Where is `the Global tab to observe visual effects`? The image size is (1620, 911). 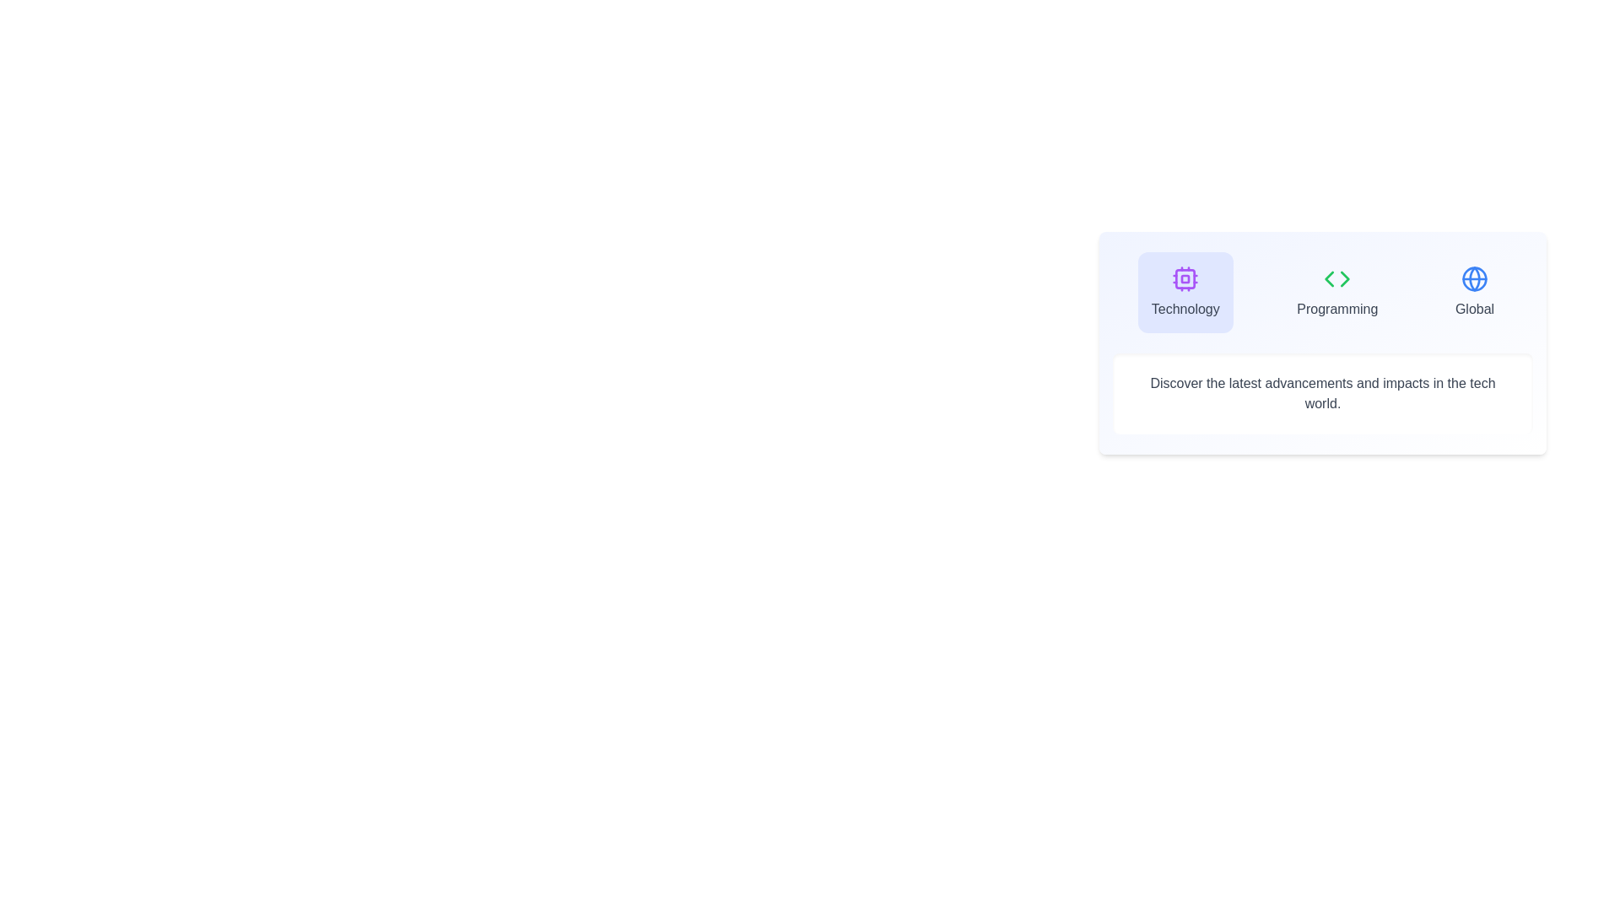 the Global tab to observe visual effects is located at coordinates (1473, 292).